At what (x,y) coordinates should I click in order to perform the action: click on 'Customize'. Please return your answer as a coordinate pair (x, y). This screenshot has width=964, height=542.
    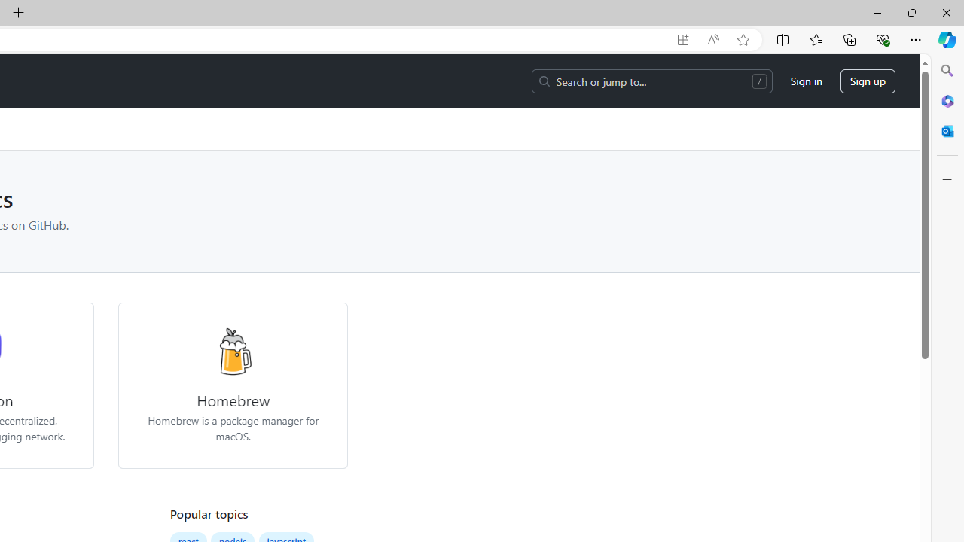
    Looking at the image, I should click on (947, 179).